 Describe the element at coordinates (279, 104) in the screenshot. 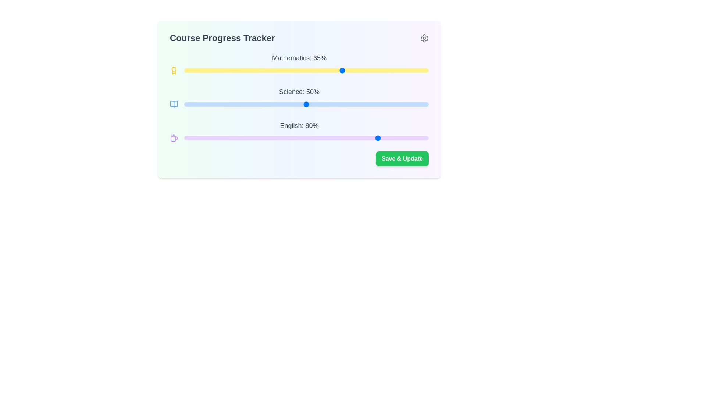

I see `progress` at that location.